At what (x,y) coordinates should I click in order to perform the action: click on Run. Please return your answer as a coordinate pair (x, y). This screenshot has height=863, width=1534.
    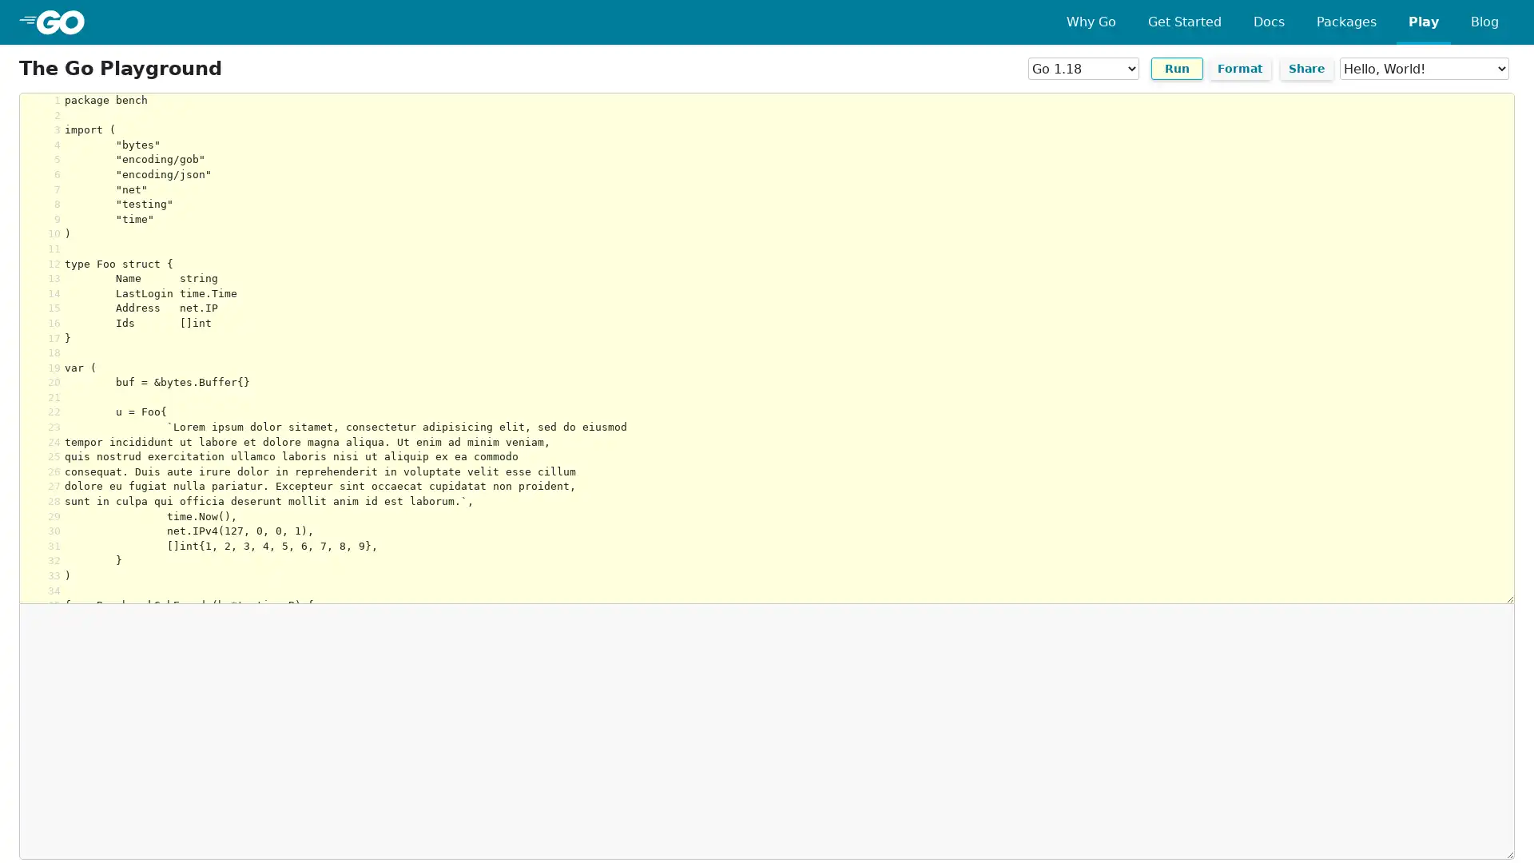
    Looking at the image, I should click on (1177, 67).